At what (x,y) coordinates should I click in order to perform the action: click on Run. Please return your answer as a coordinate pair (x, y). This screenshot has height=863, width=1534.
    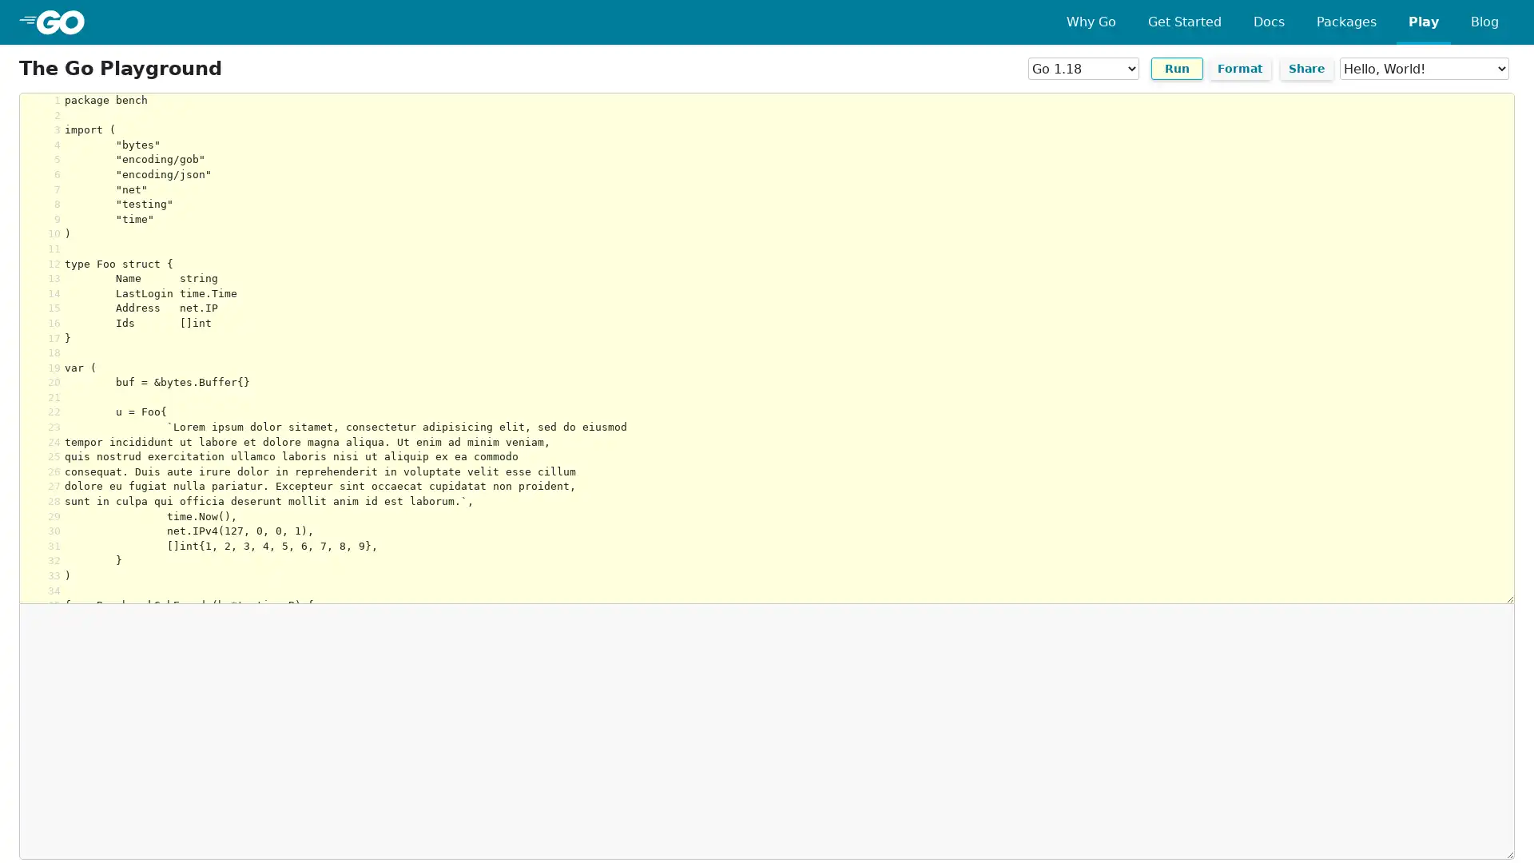
    Looking at the image, I should click on (1177, 67).